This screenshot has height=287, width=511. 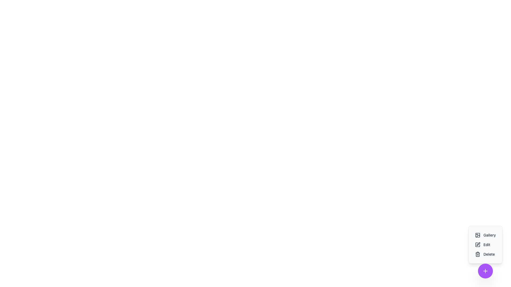 What do you see at coordinates (489, 254) in the screenshot?
I see `the 'Delete' label, which is the third entry in a vertical list, located to the right of a trash can icon` at bounding box center [489, 254].